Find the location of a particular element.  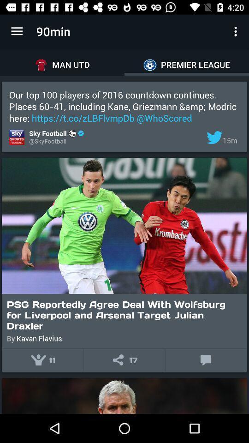

the item to the left of the 90min item is located at coordinates (17, 31).